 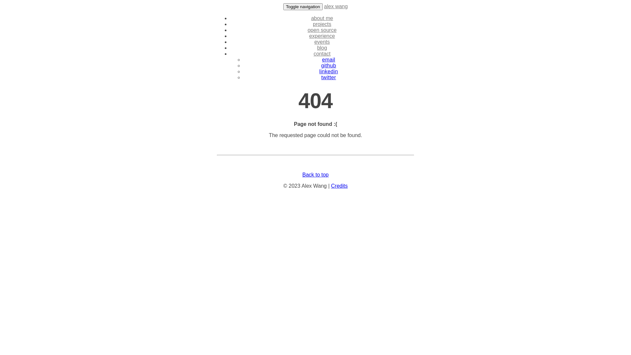 What do you see at coordinates (322, 47) in the screenshot?
I see `'blog'` at bounding box center [322, 47].